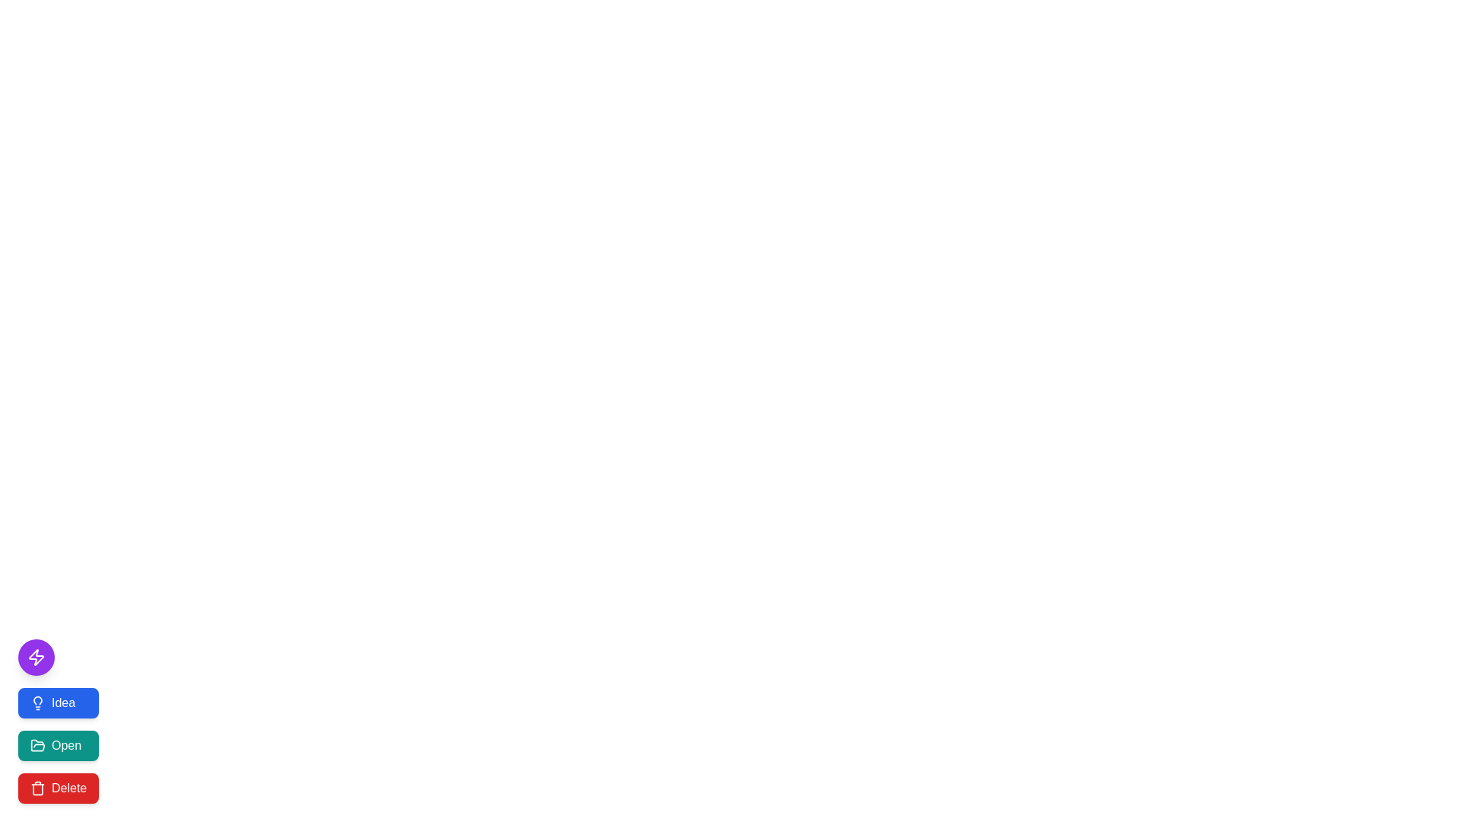 Image resolution: width=1461 pixels, height=822 pixels. What do you see at coordinates (37, 744) in the screenshot?
I see `the folder icon styled in a minimalist outline design with a teal background, located in the upper left portion of the 'Open' button` at bounding box center [37, 744].